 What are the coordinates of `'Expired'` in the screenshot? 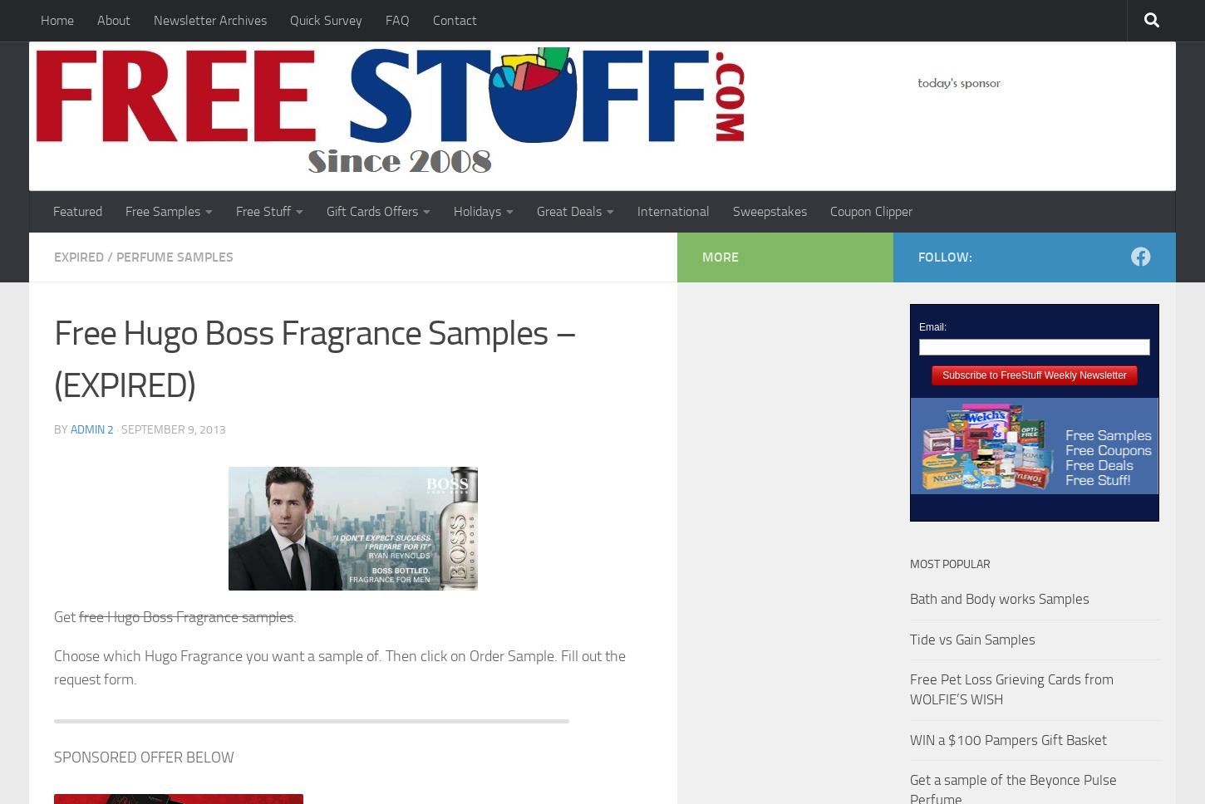 It's located at (78, 256).